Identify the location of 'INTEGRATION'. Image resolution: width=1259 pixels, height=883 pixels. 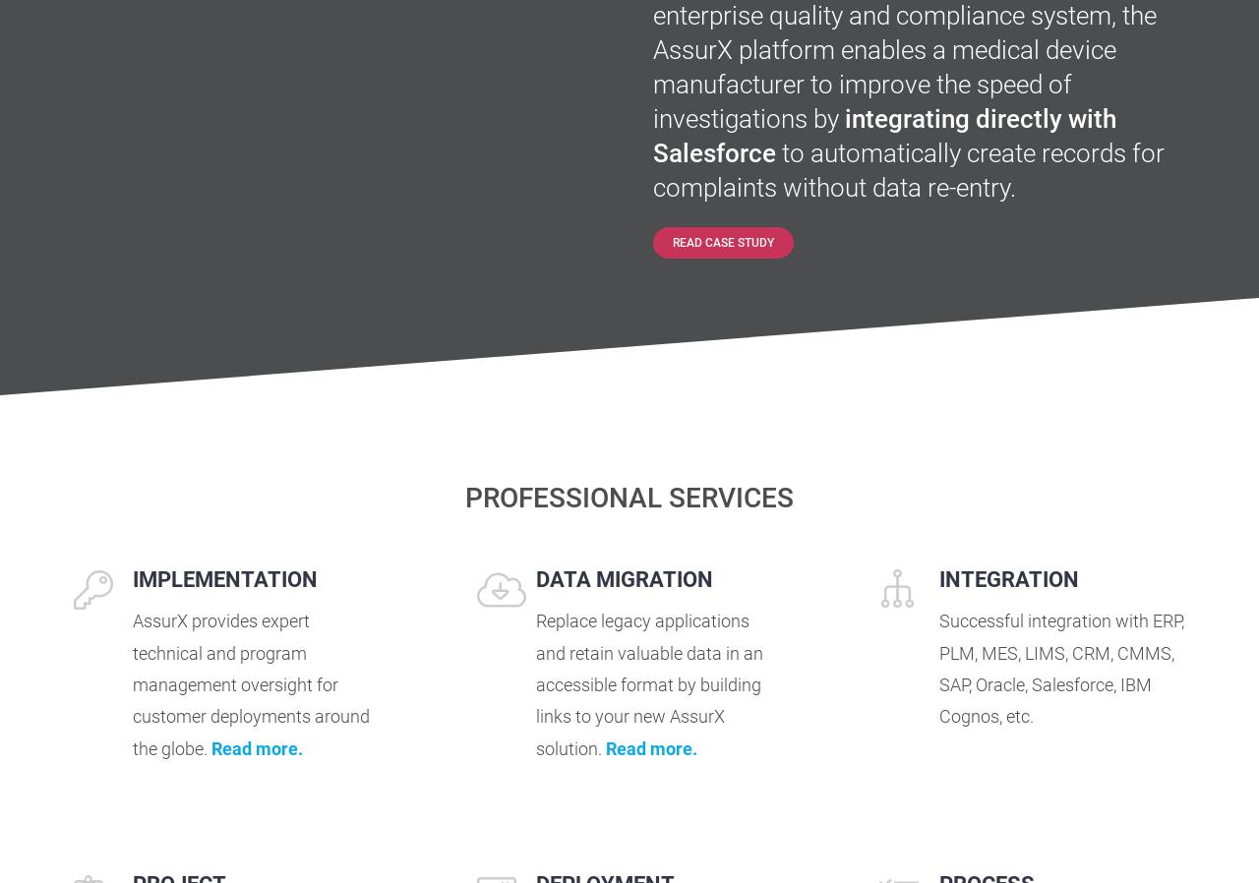
(1009, 578).